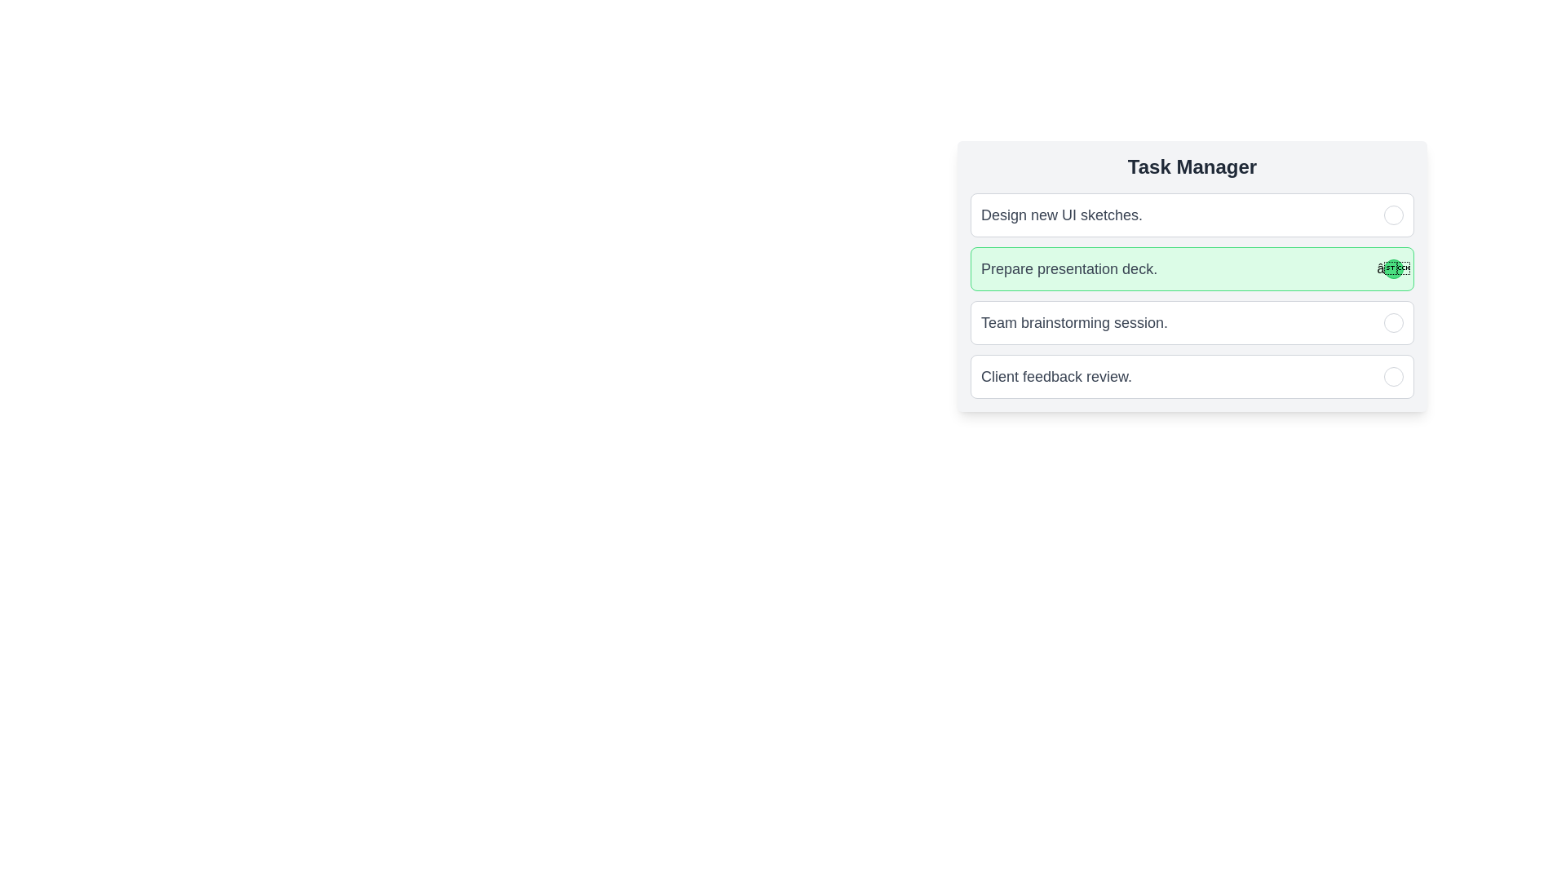  Describe the element at coordinates (1192, 276) in the screenshot. I see `the second completed task in the 'Task Manager' section, indicated by a green background and a checkmark, to display detailed information` at that location.